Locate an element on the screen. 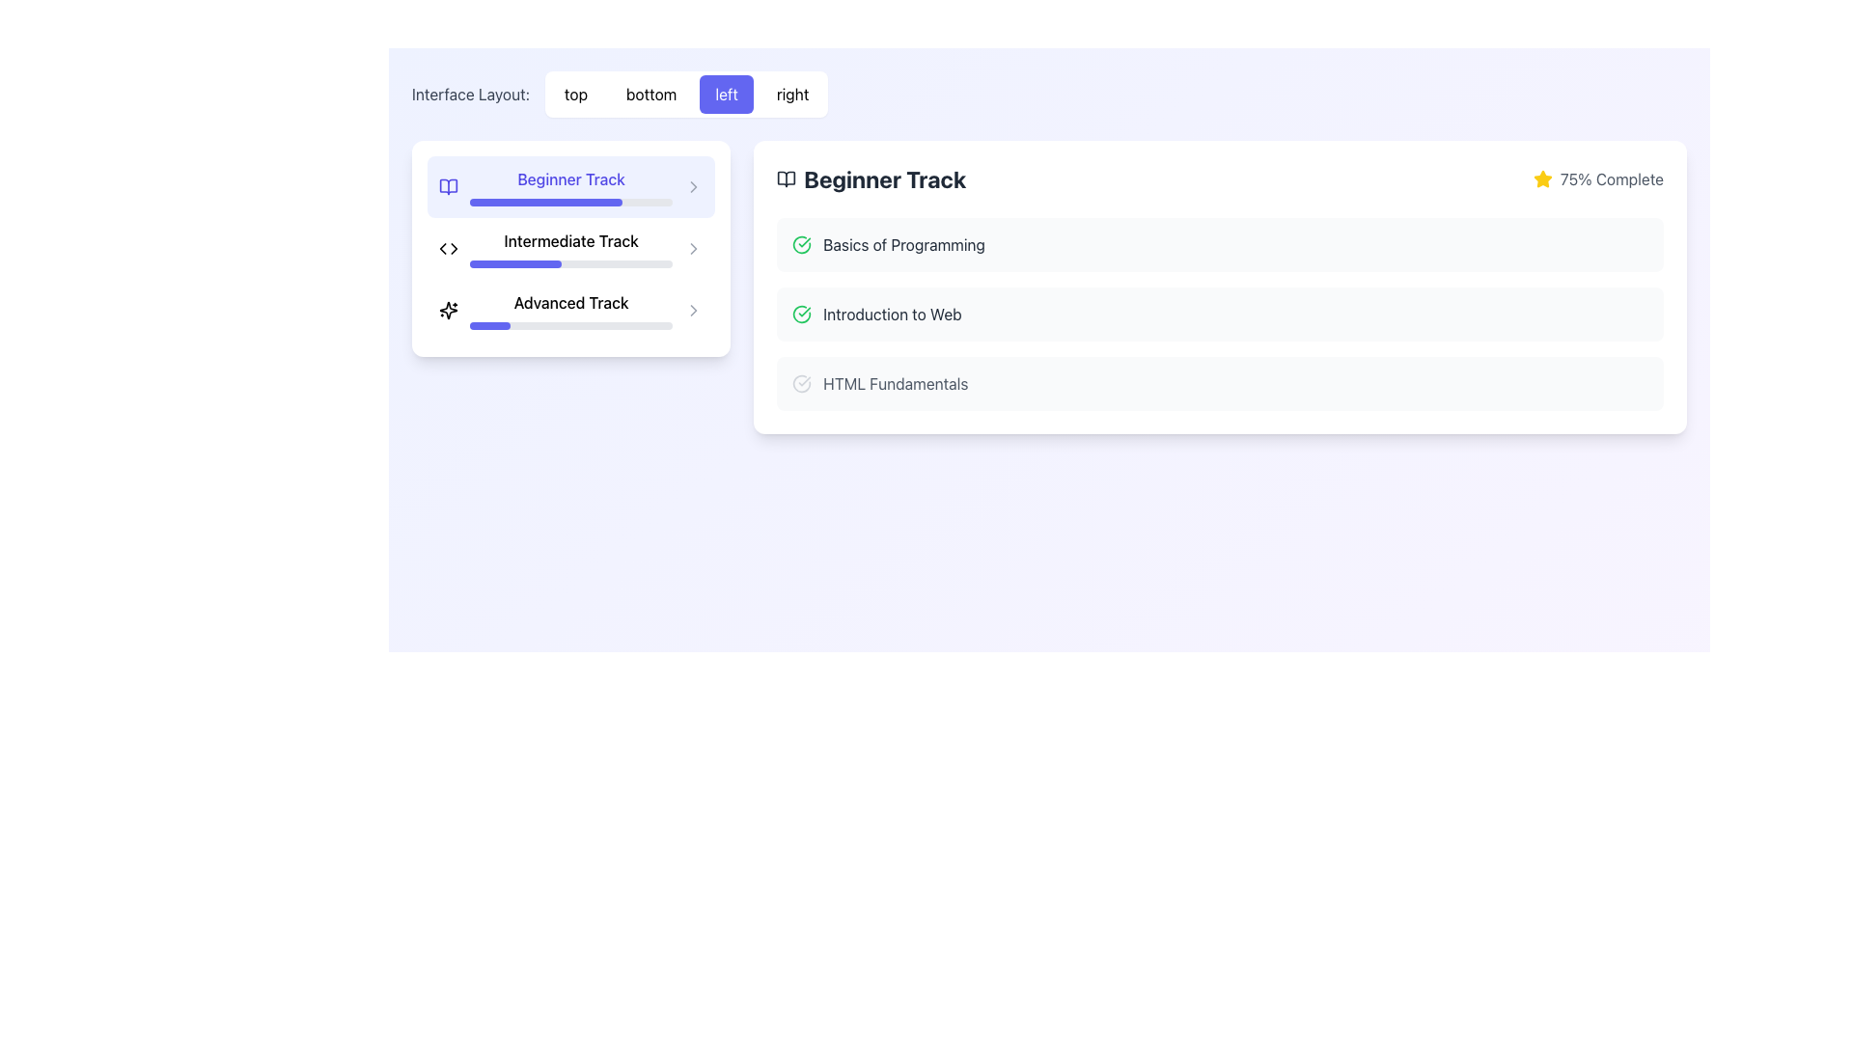 The width and height of the screenshot is (1853, 1042). the 'Beginner Track' text in the interactive list element is located at coordinates (570, 186).